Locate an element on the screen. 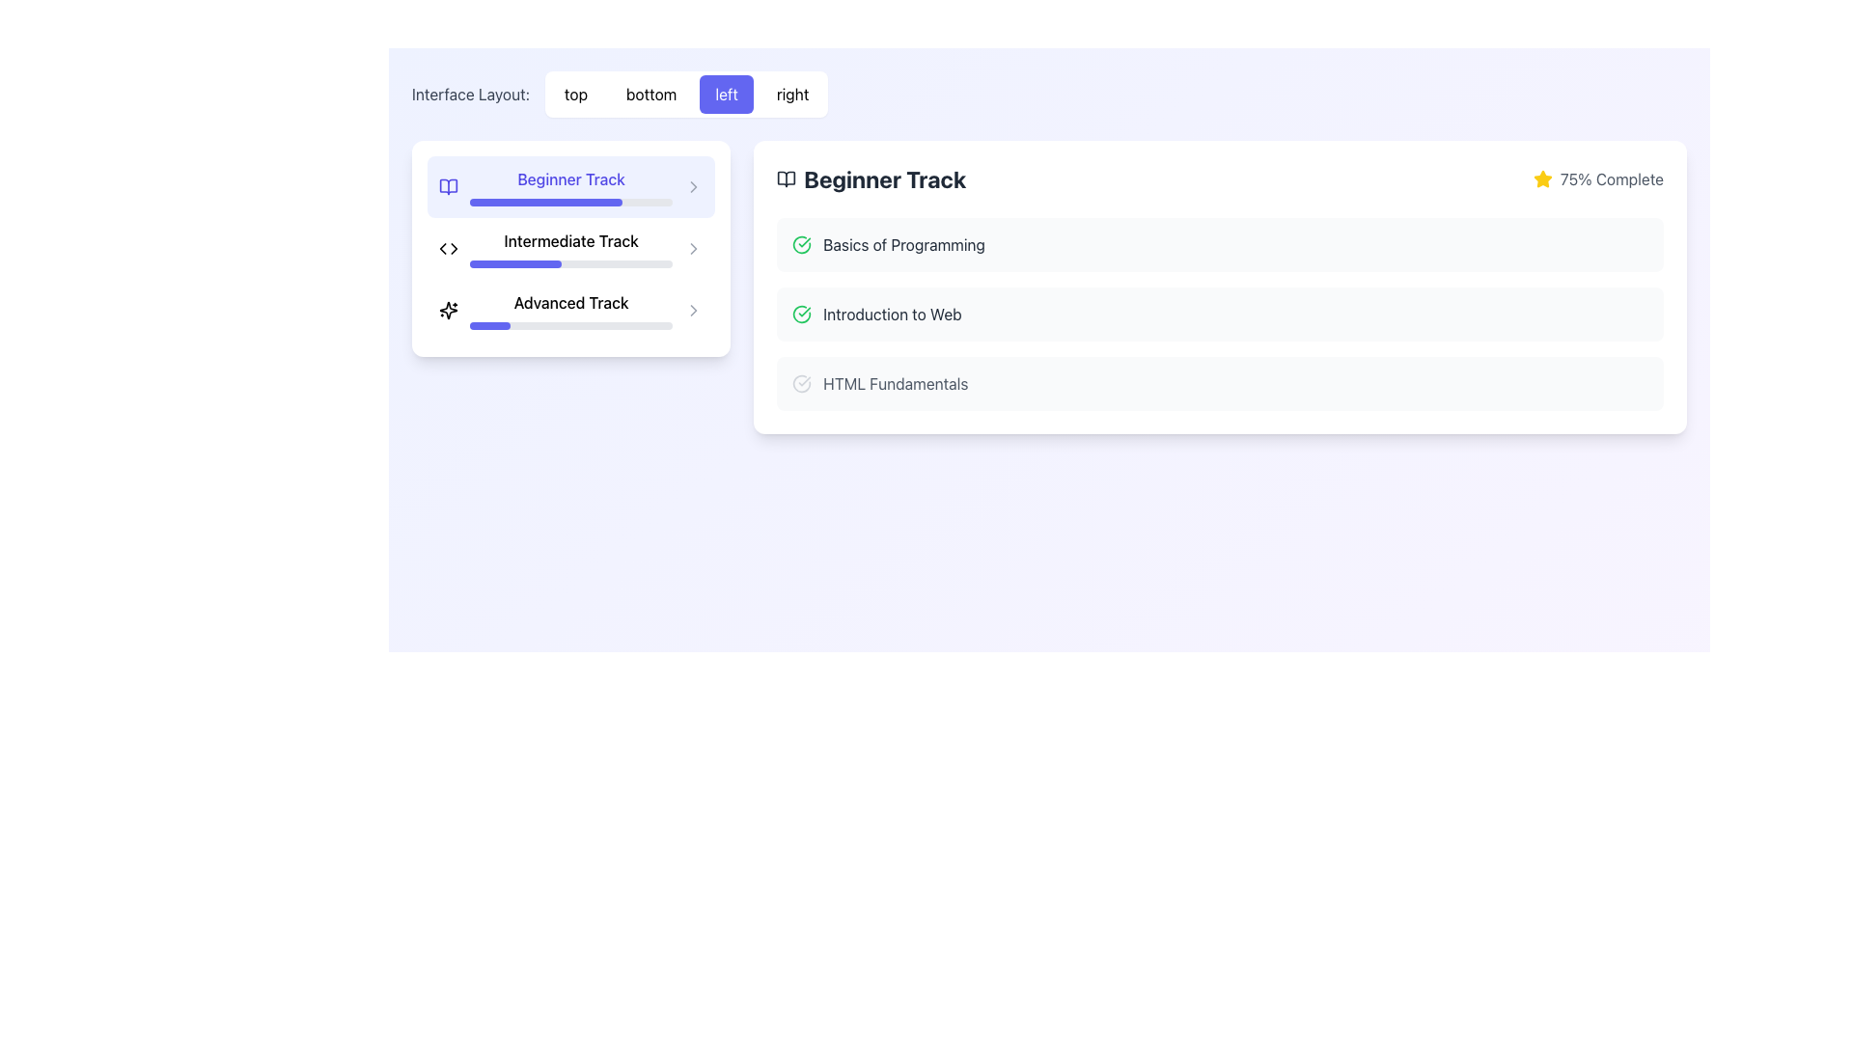 The width and height of the screenshot is (1853, 1042). the 'Beginner Track' text in the interactive list element is located at coordinates (570, 186).